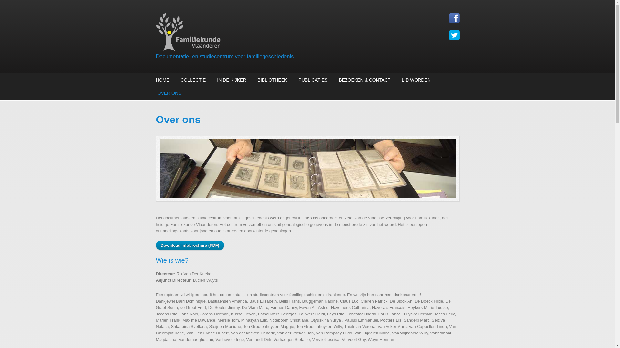  Describe the element at coordinates (255, 33) in the screenshot. I see `'Home'` at that location.